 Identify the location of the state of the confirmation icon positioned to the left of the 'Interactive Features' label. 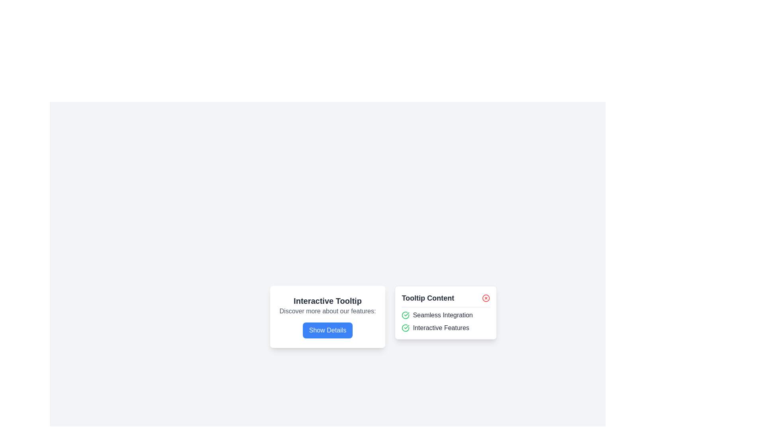
(406, 328).